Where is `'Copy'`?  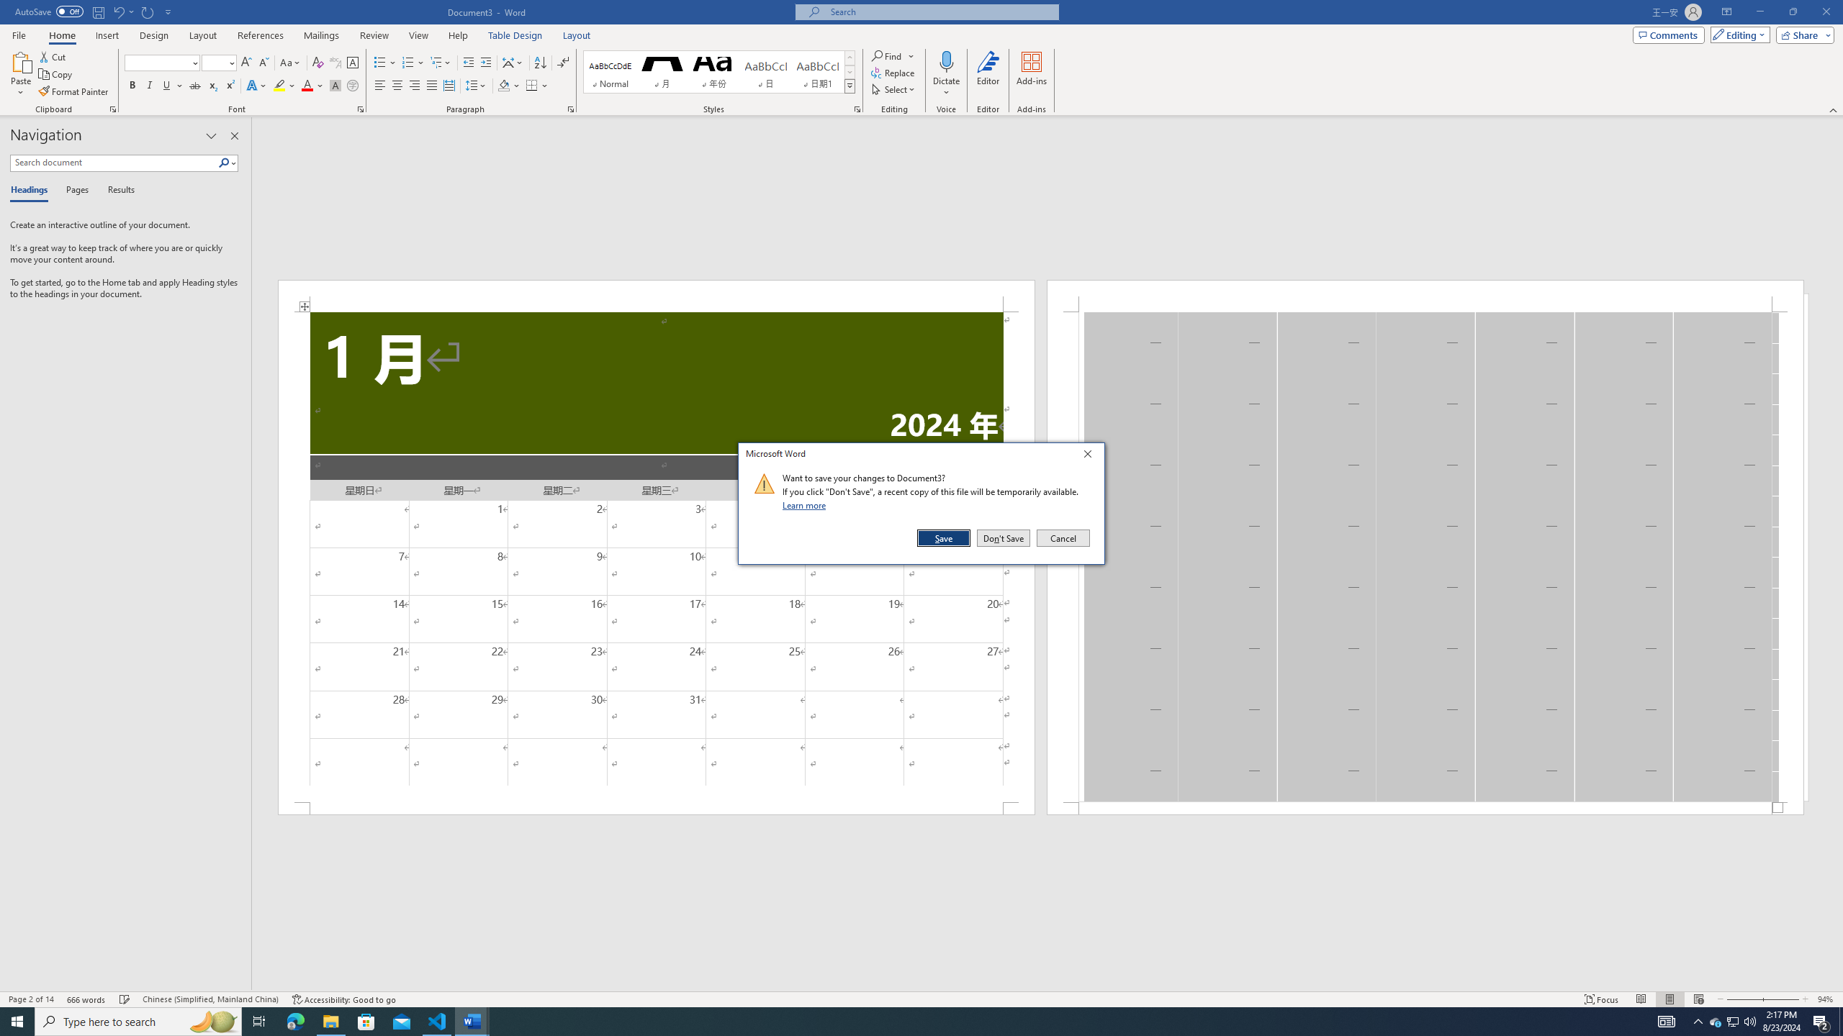 'Copy' is located at coordinates (56, 74).